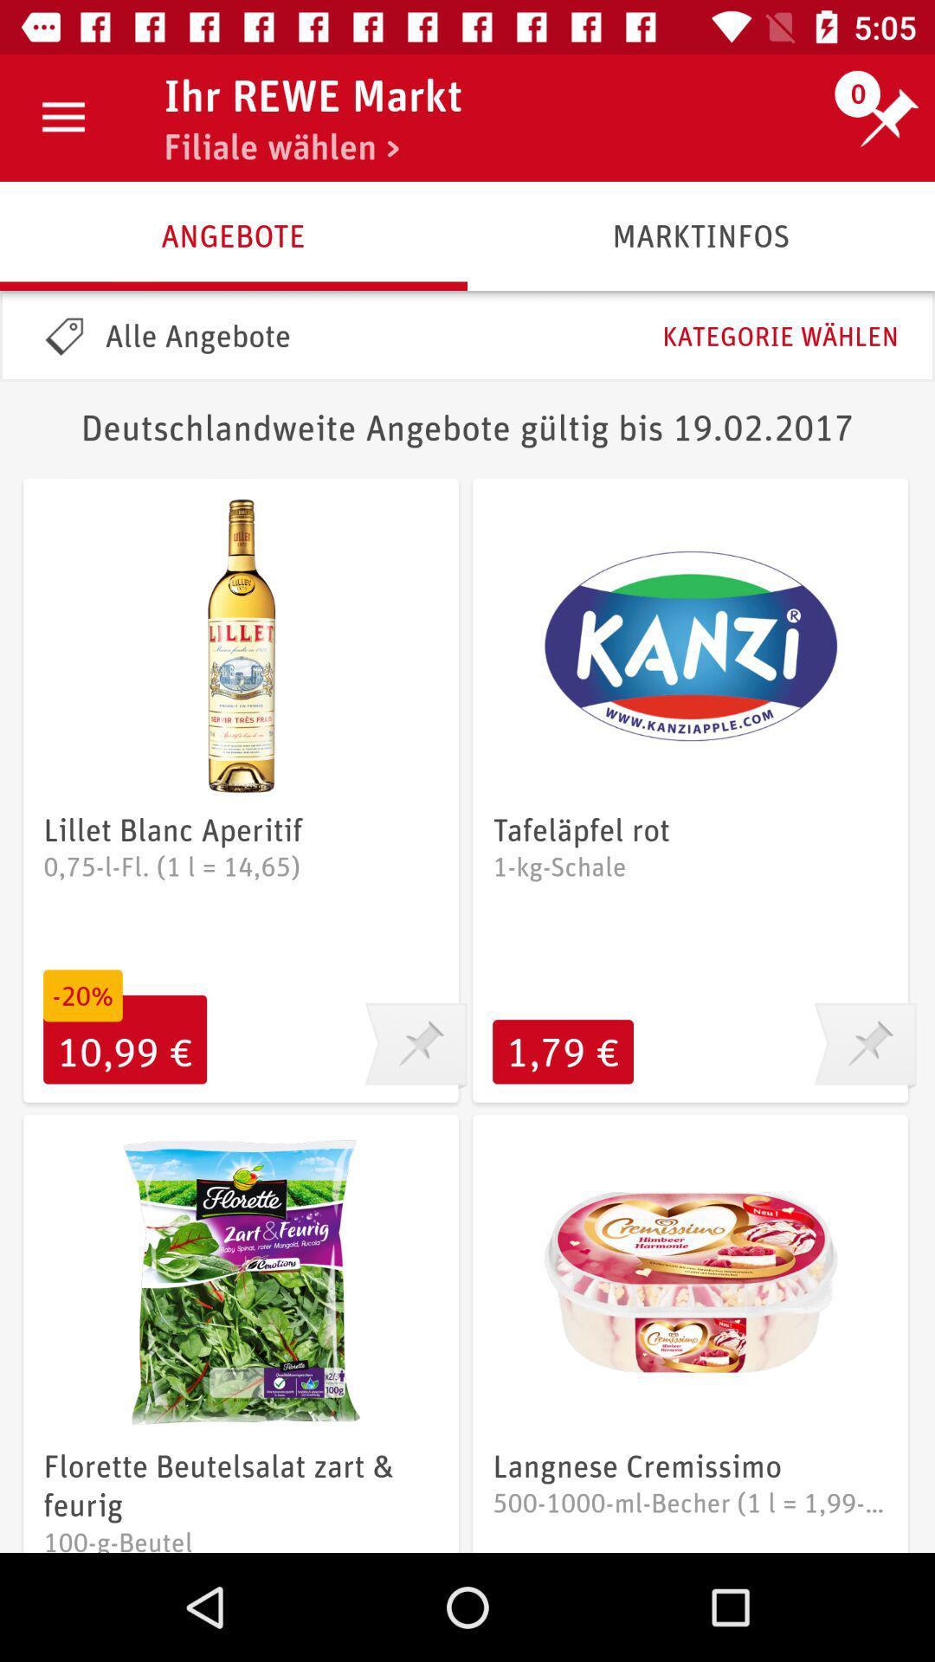  What do you see at coordinates (280, 146) in the screenshot?
I see `icon below the ihr rewe markt` at bounding box center [280, 146].